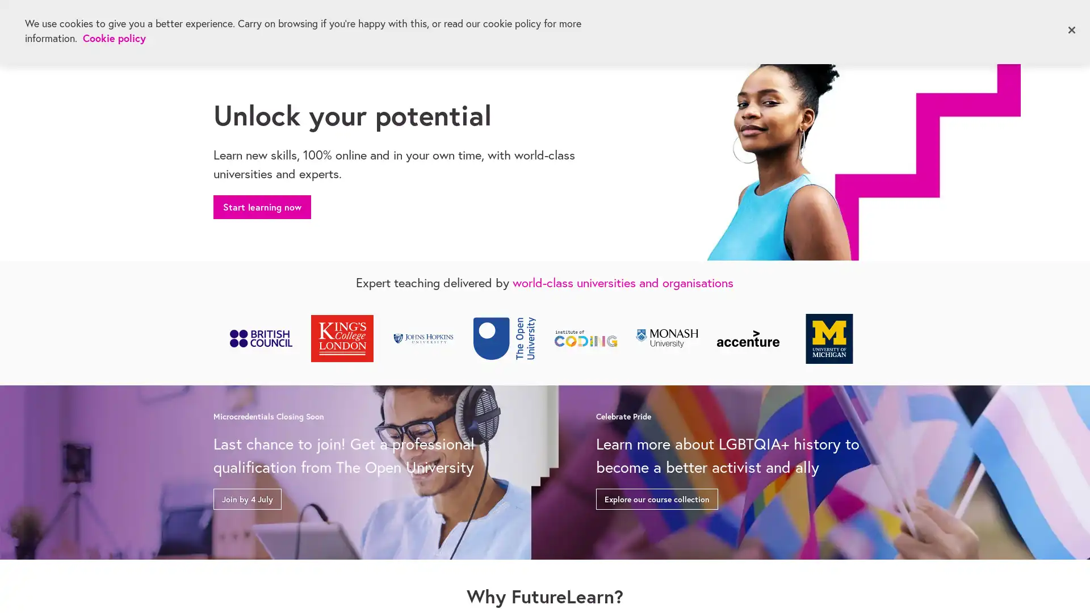 This screenshot has width=1090, height=613. Describe the element at coordinates (261, 205) in the screenshot. I see `Start learning now` at that location.